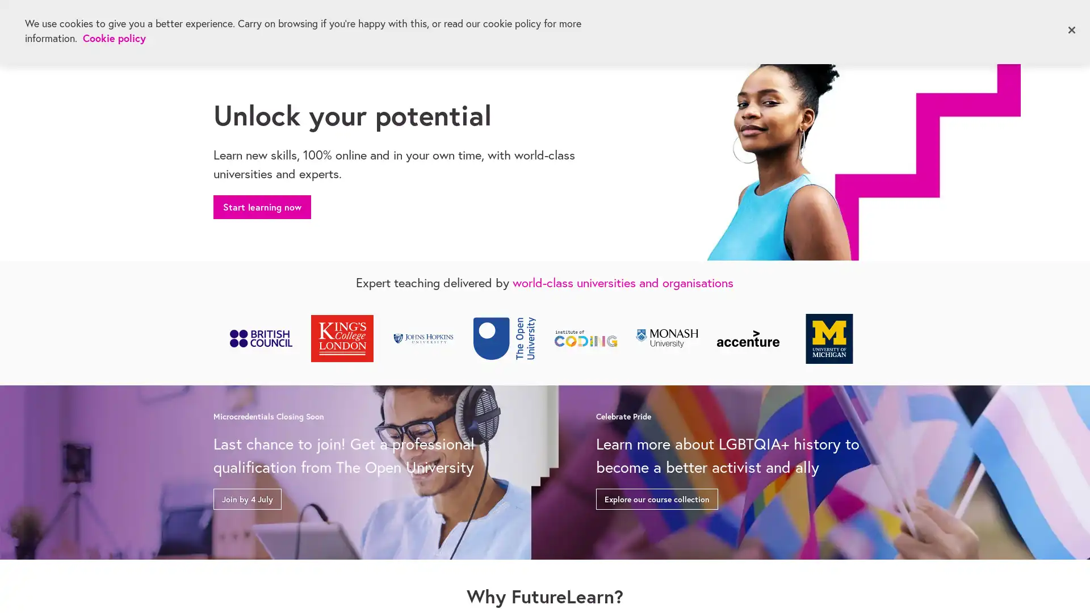 This screenshot has width=1090, height=613. Describe the element at coordinates (261, 205) in the screenshot. I see `Start learning now` at that location.